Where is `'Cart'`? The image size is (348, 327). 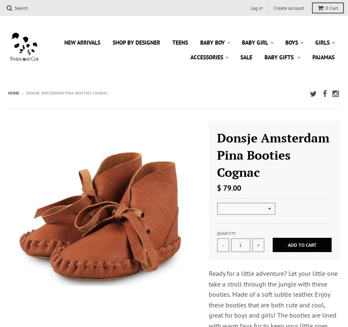 'Cart' is located at coordinates (333, 8).